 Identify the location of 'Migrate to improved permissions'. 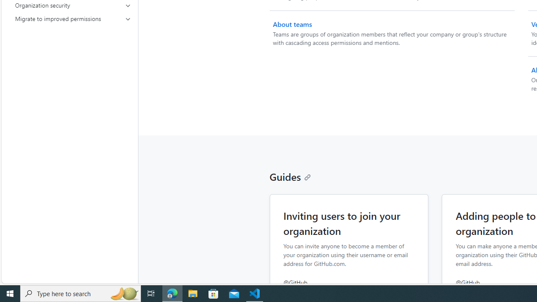
(73, 19).